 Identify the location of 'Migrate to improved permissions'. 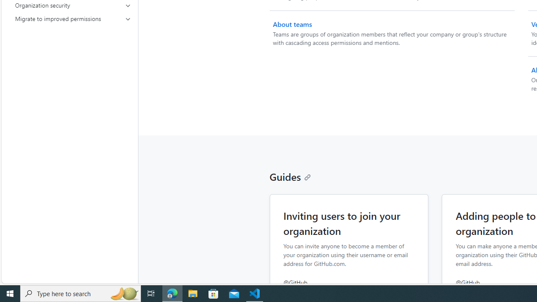
(73, 19).